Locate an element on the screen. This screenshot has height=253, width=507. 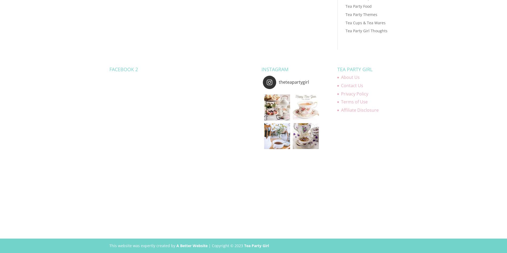
'This website was expertly created by' is located at coordinates (143, 245).